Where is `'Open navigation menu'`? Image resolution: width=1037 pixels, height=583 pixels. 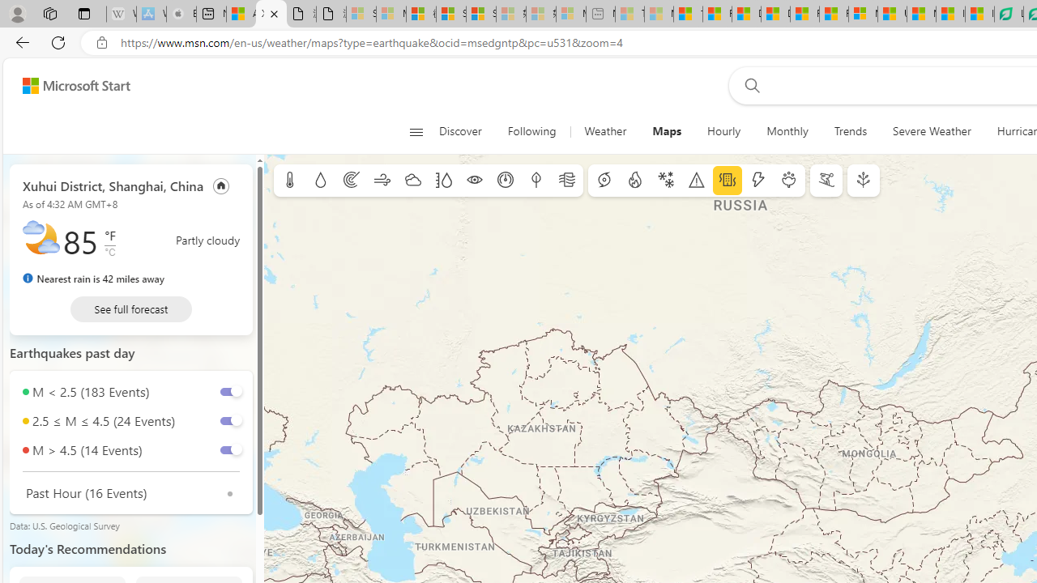 'Open navigation menu' is located at coordinates (416, 131).